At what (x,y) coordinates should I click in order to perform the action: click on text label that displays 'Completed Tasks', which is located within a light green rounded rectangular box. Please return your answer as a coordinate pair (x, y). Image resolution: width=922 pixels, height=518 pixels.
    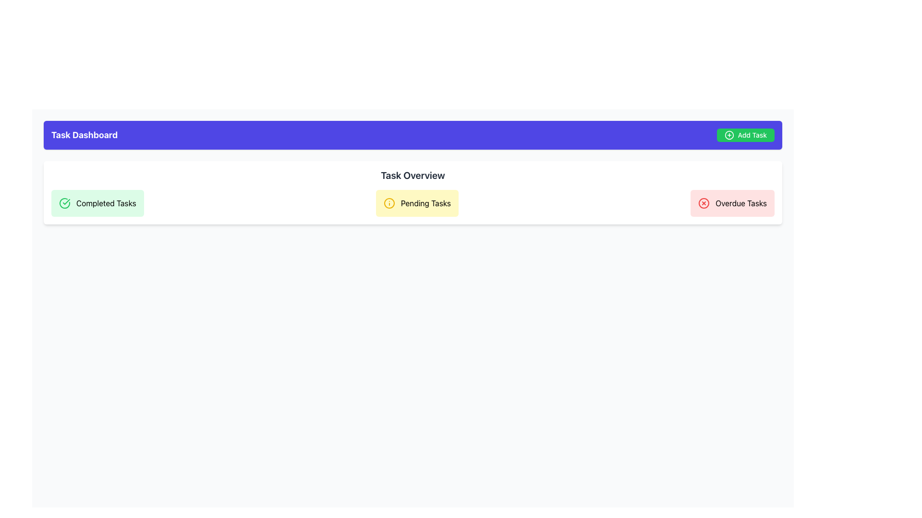
    Looking at the image, I should click on (106, 203).